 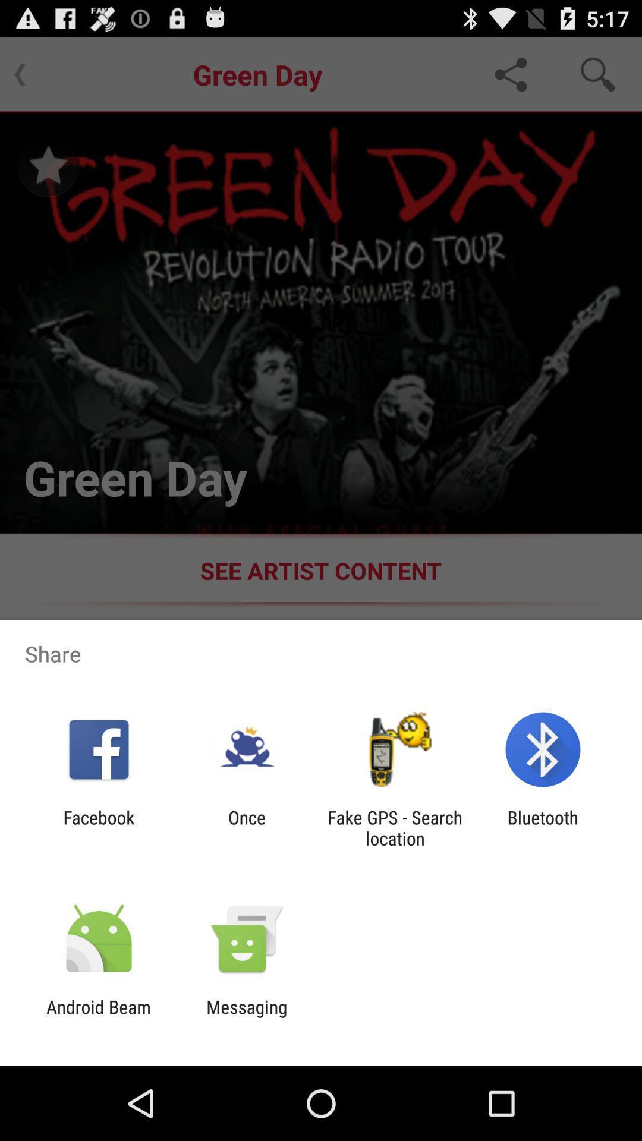 I want to click on the item to the left of the bluetooth icon, so click(x=395, y=827).